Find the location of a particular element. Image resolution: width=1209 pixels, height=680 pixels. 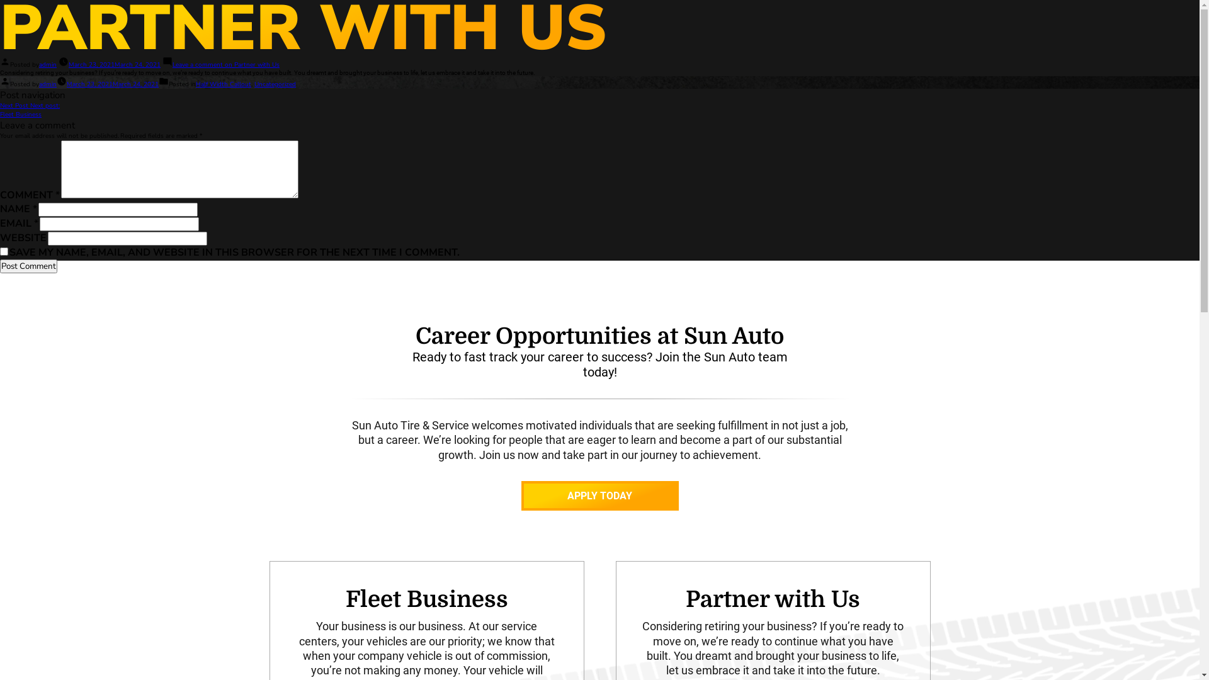

'Next Post Next post: is located at coordinates (30, 109).